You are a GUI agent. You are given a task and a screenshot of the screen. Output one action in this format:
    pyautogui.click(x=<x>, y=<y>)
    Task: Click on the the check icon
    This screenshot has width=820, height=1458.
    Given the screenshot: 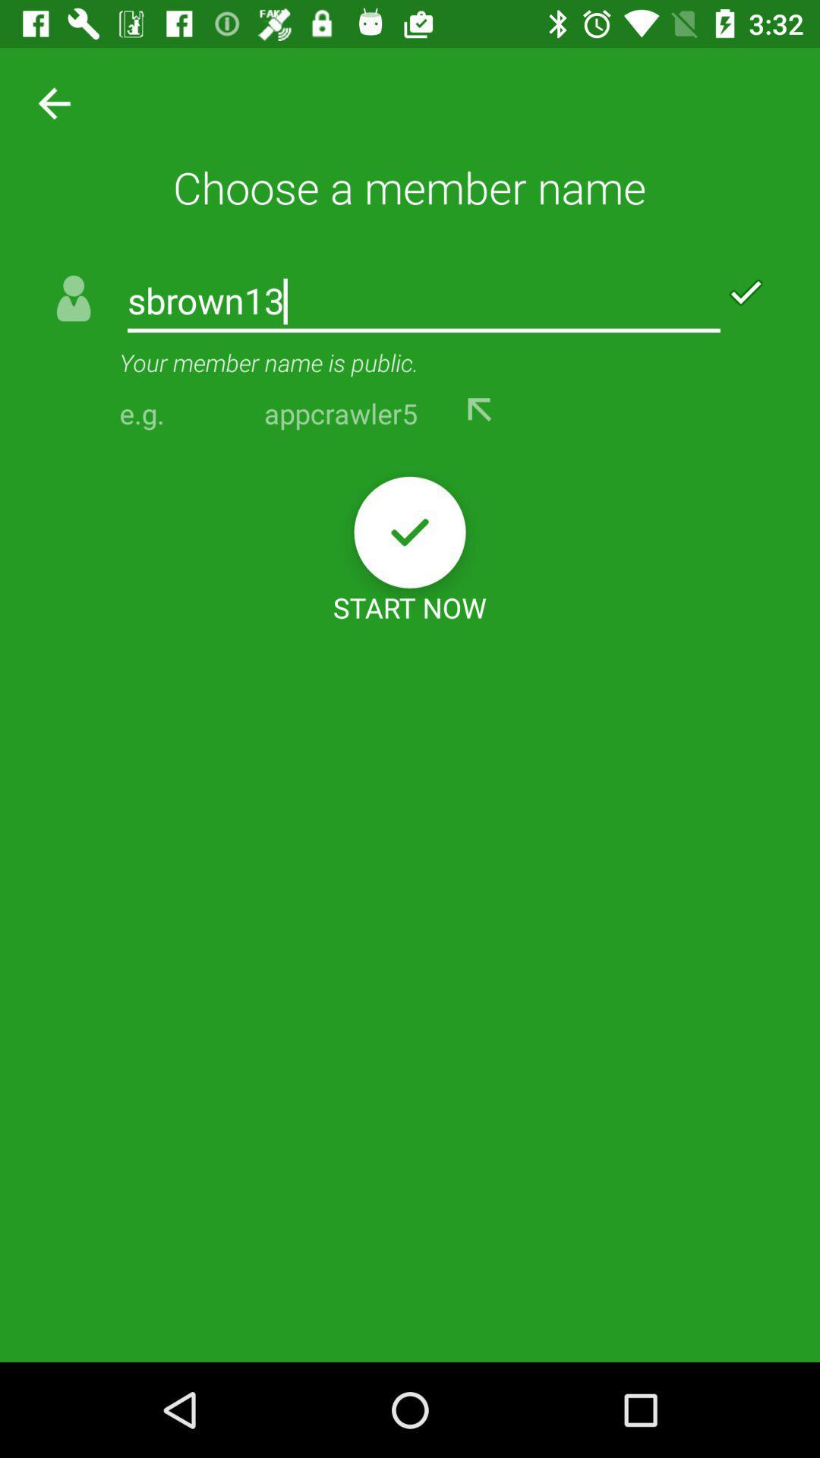 What is the action you would take?
    pyautogui.click(x=410, y=532)
    